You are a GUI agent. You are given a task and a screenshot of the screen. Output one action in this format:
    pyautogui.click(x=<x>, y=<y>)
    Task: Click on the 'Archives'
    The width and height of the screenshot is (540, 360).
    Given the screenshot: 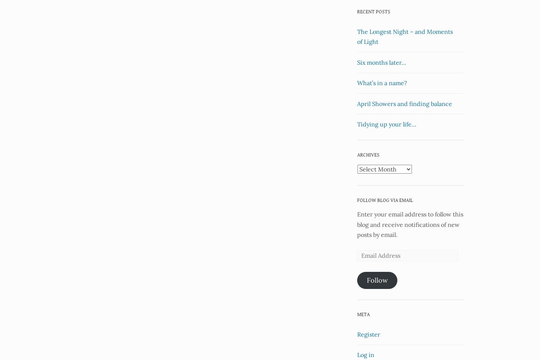 What is the action you would take?
    pyautogui.click(x=368, y=155)
    